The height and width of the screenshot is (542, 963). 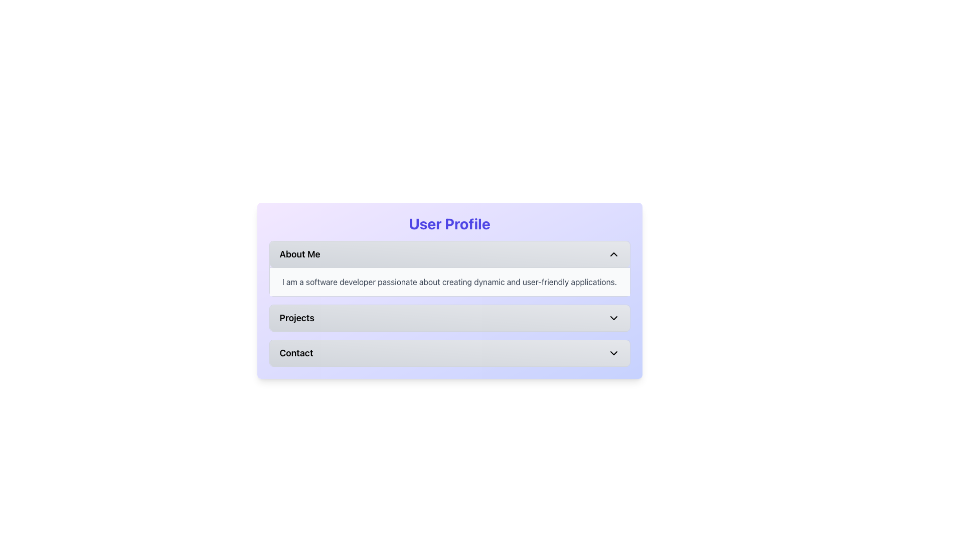 What do you see at coordinates (299, 253) in the screenshot?
I see `the 'About Me' text label located inside the topmost button of the vertical list in the 'User Profile' section` at bounding box center [299, 253].